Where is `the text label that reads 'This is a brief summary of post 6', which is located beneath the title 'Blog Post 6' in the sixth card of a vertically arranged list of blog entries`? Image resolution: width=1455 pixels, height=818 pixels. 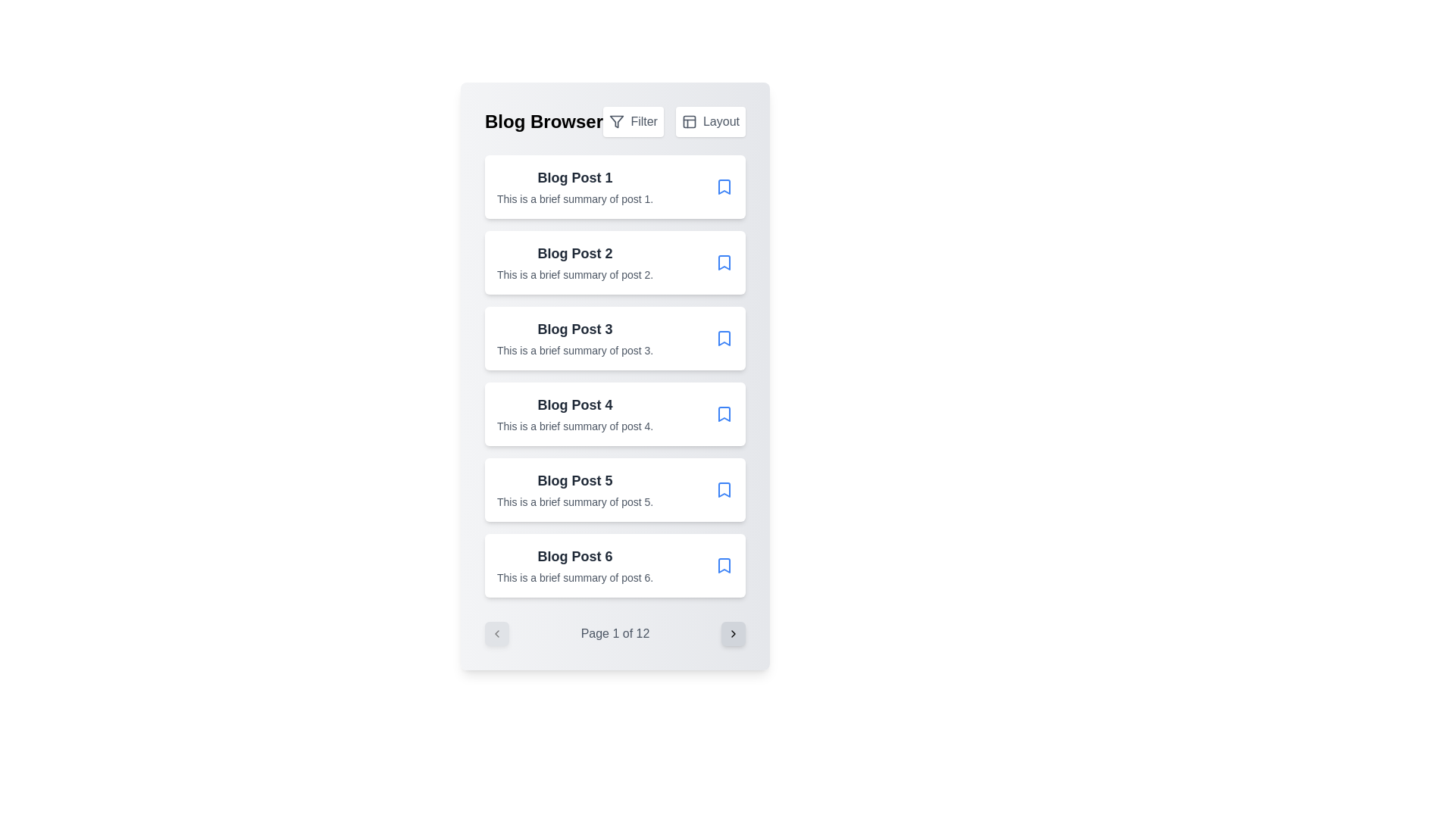 the text label that reads 'This is a brief summary of post 6', which is located beneath the title 'Blog Post 6' in the sixth card of a vertically arranged list of blog entries is located at coordinates (574, 578).